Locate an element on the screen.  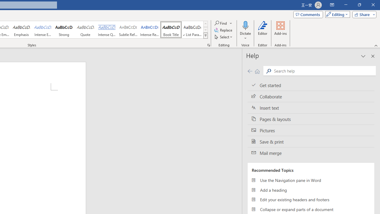
'Styles...' is located at coordinates (208, 45).